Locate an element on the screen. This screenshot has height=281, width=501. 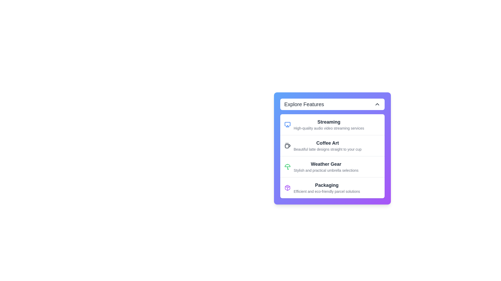
the small purple-colored package icon located to the left of the text 'Packaging' in the fourth row of the dropdown menu is located at coordinates (287, 188).